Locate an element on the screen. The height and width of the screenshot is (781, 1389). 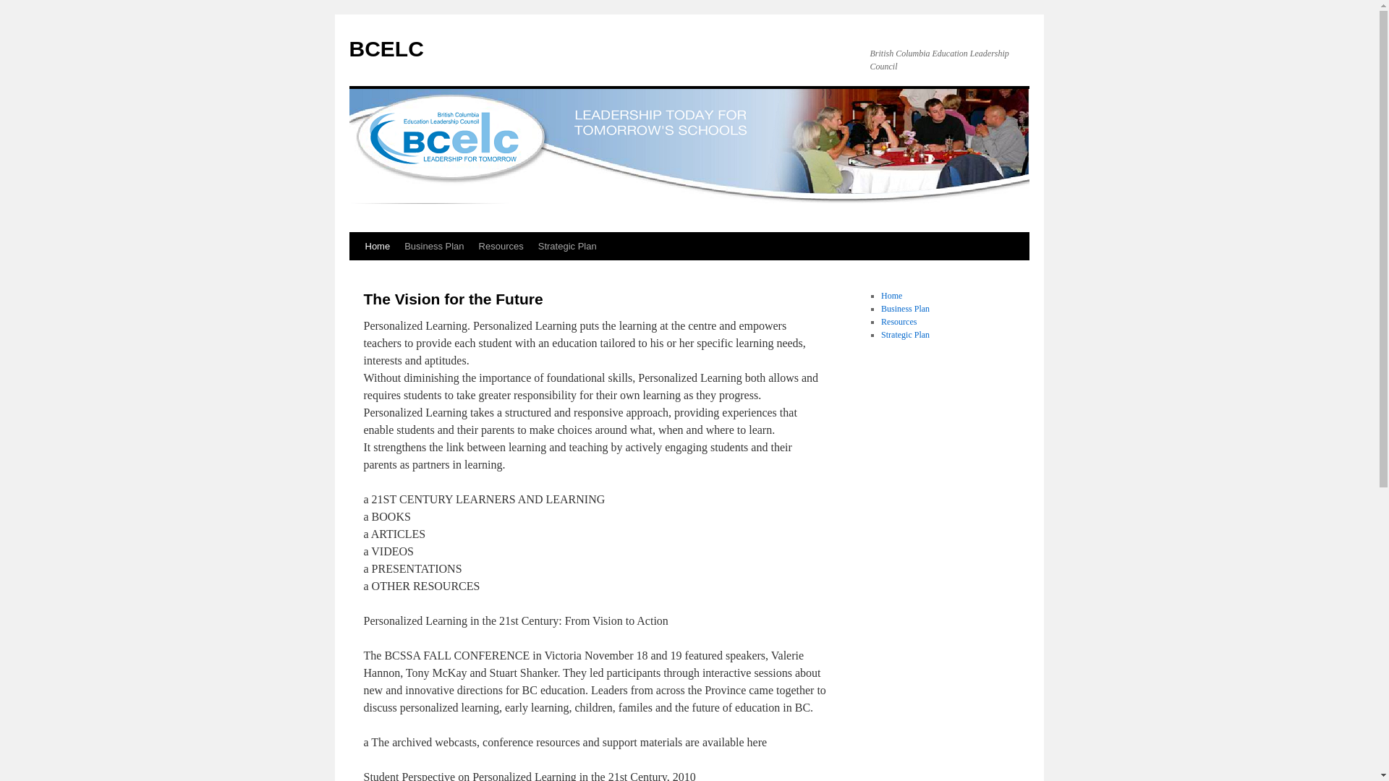
'Business Plan' is located at coordinates (396, 245).